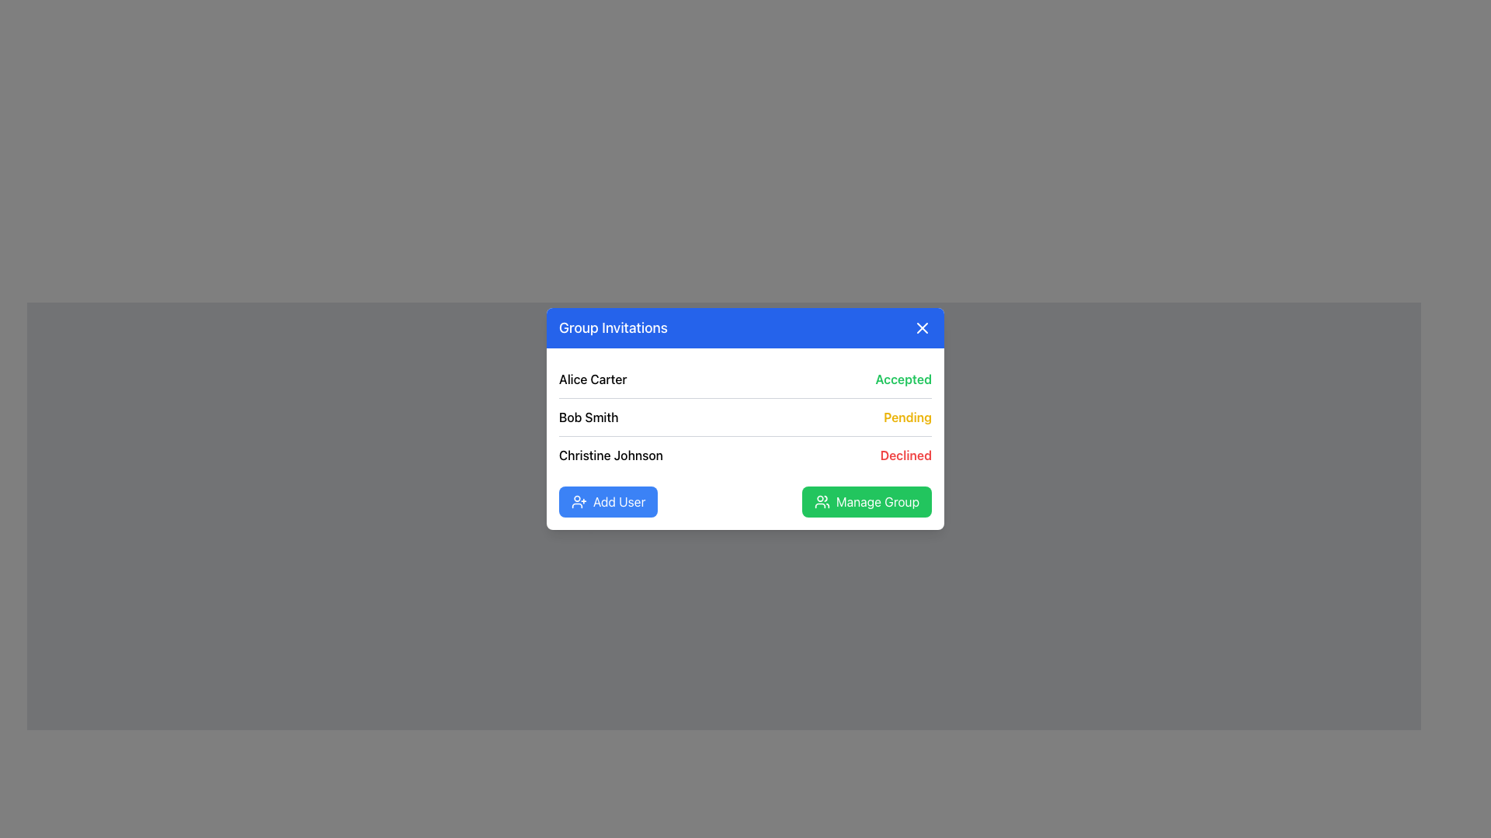  Describe the element at coordinates (607, 502) in the screenshot. I see `the 'Add Member' button located in the bottom-left corner of the dialog box` at that location.